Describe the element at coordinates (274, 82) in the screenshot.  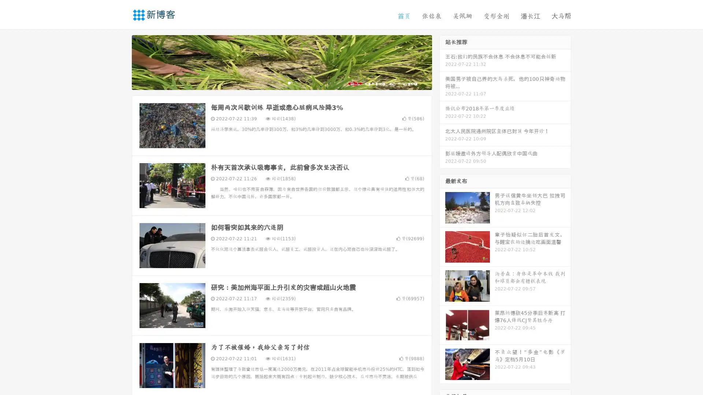
I see `Go to slide 1` at that location.